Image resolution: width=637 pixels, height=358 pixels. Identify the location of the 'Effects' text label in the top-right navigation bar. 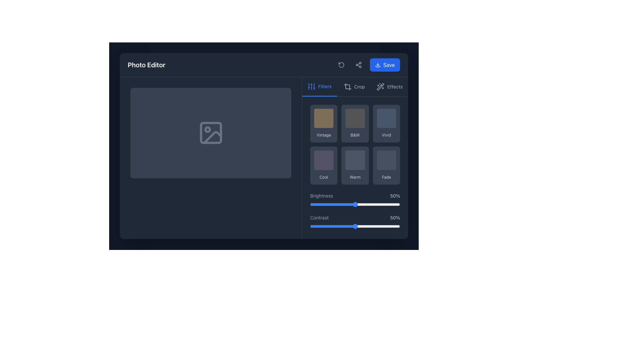
(395, 87).